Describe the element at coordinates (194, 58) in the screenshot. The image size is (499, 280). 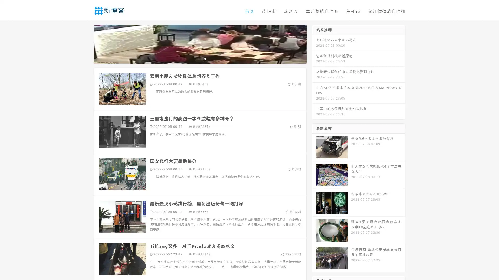
I see `Go to slide 1` at that location.